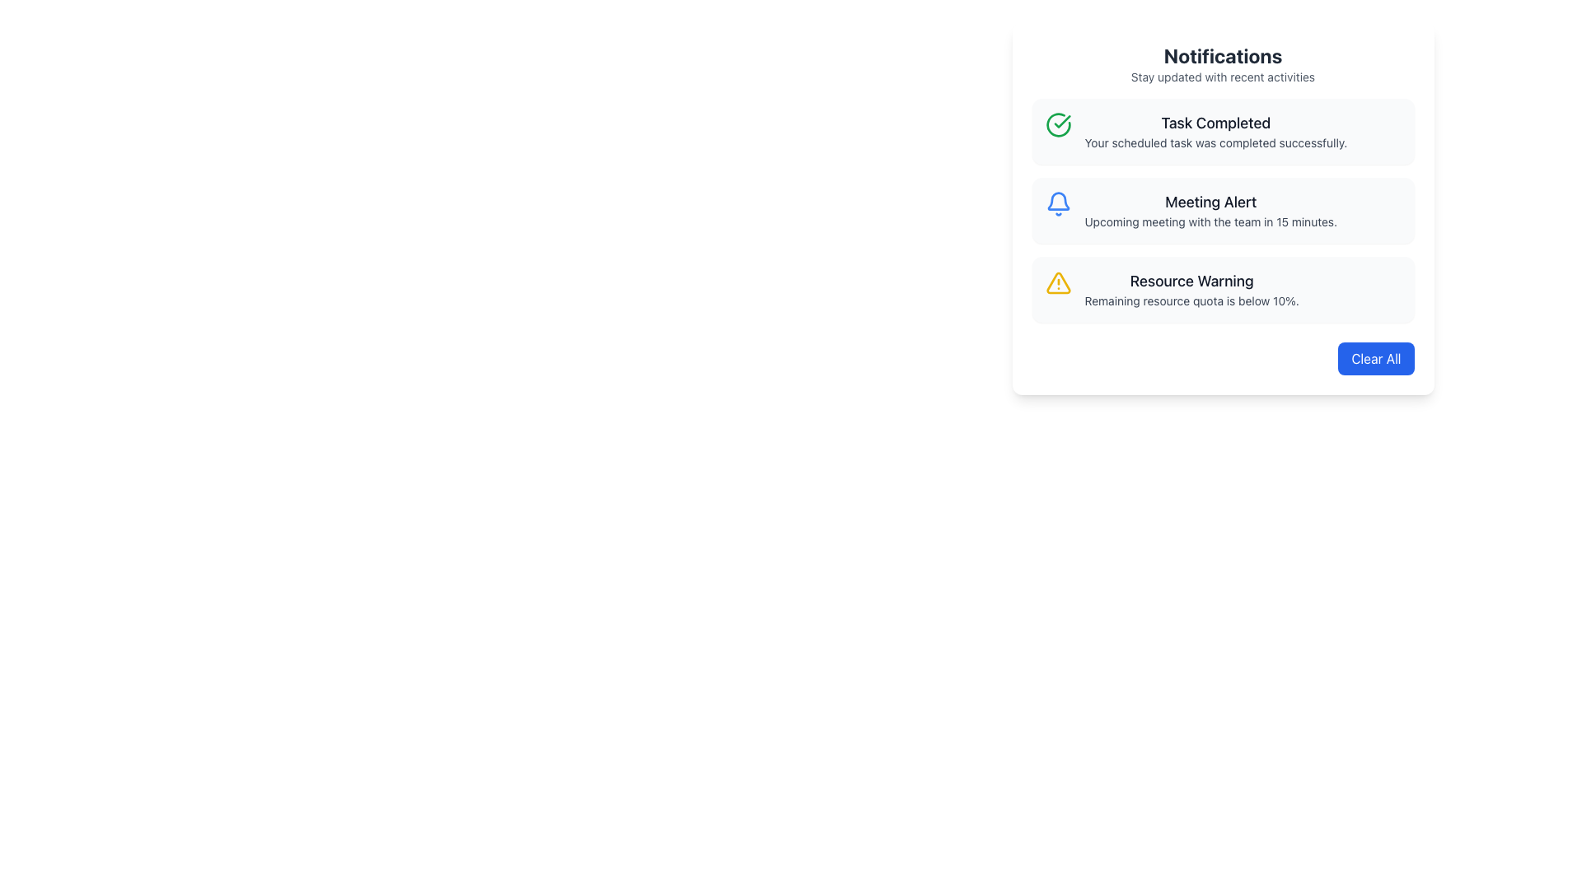 Image resolution: width=1582 pixels, height=889 pixels. What do you see at coordinates (1215, 123) in the screenshot?
I see `text label displaying 'Task Completed' in bold, large dark gray font at the top of the first notification item in the Notifications section` at bounding box center [1215, 123].